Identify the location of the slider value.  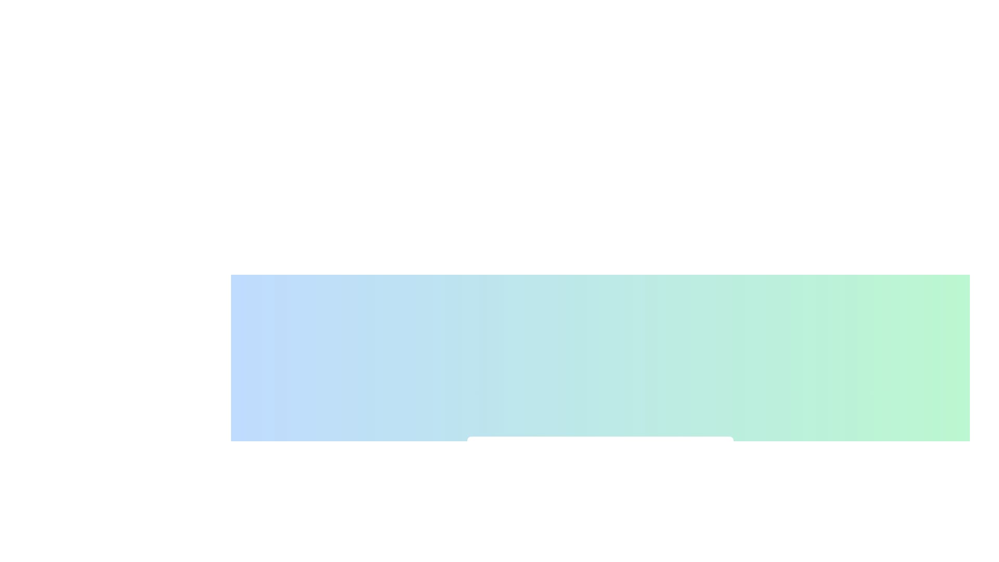
(689, 508).